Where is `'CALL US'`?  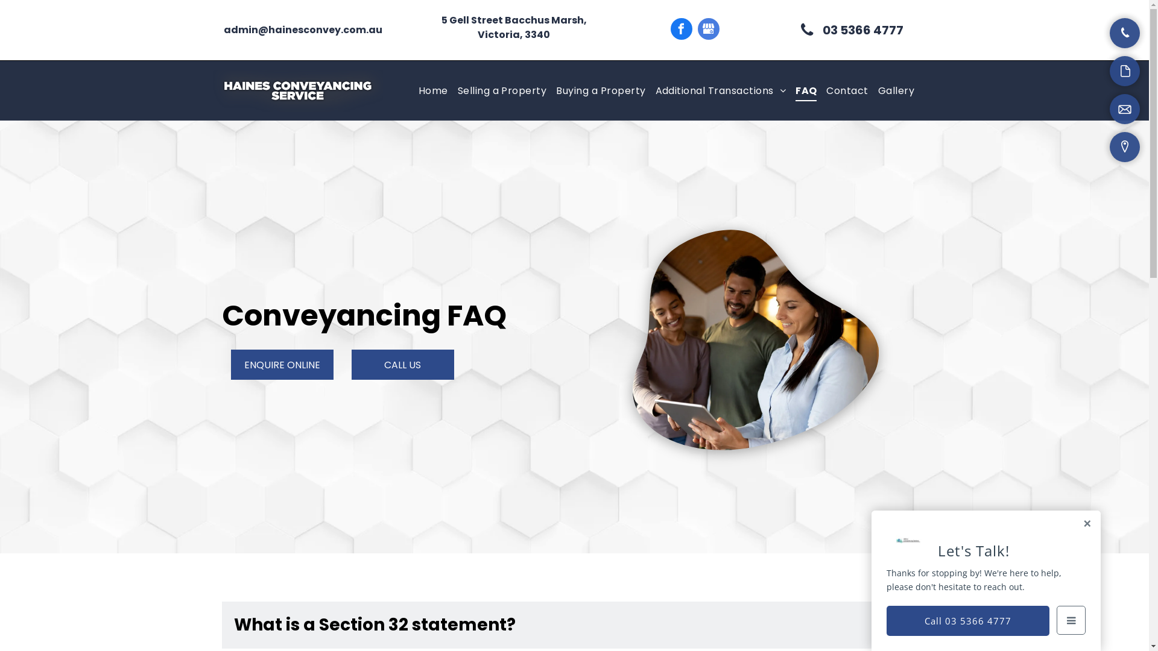
'CALL US' is located at coordinates (402, 364).